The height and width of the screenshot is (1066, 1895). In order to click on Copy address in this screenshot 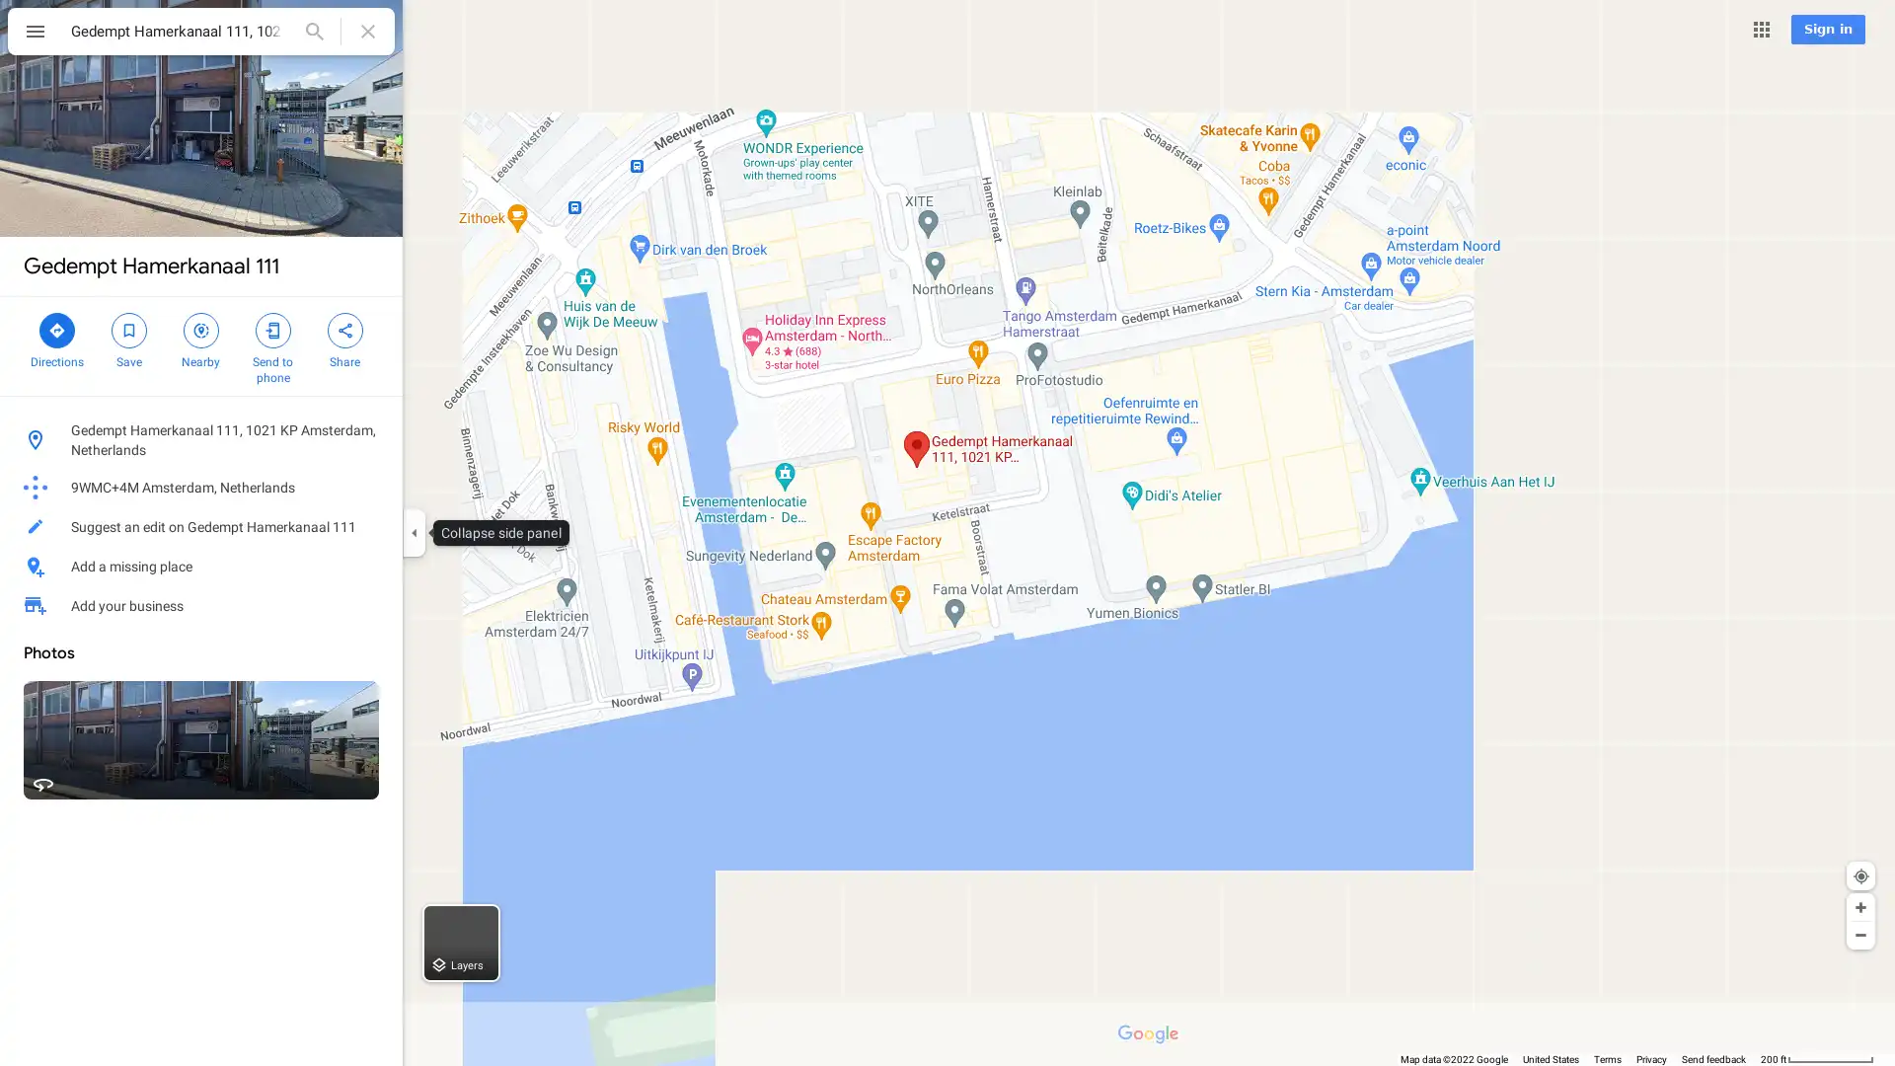, I will do `click(365, 439)`.